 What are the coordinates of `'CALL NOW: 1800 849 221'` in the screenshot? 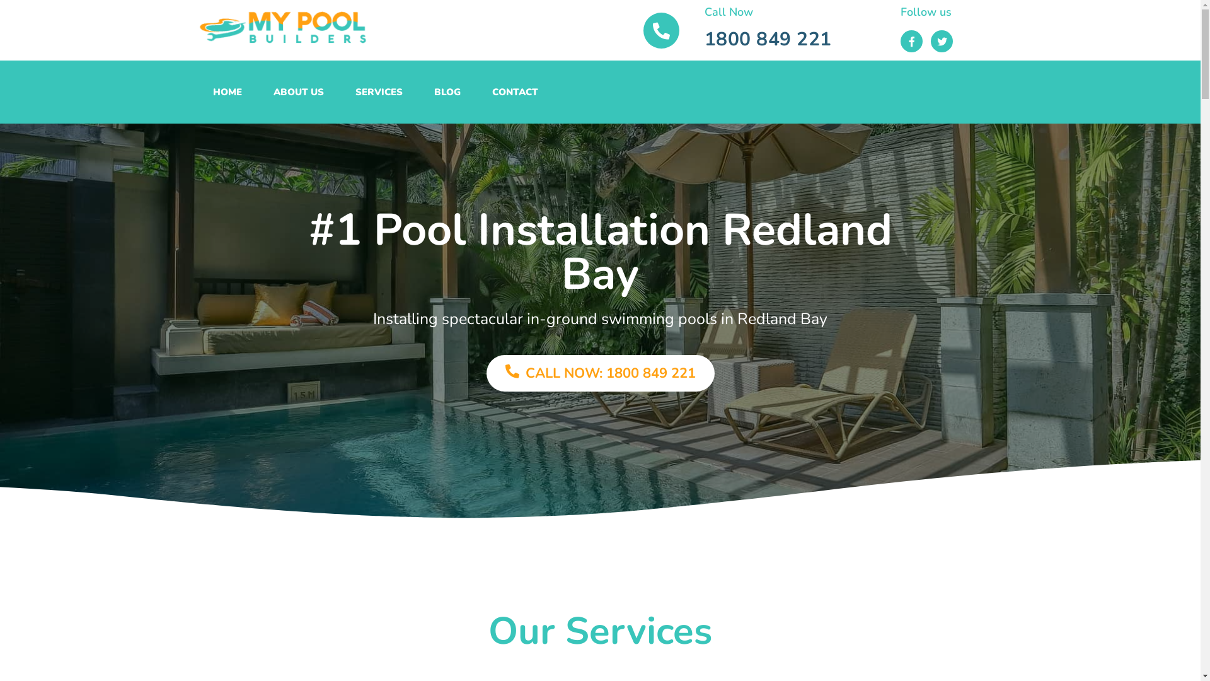 It's located at (600, 373).